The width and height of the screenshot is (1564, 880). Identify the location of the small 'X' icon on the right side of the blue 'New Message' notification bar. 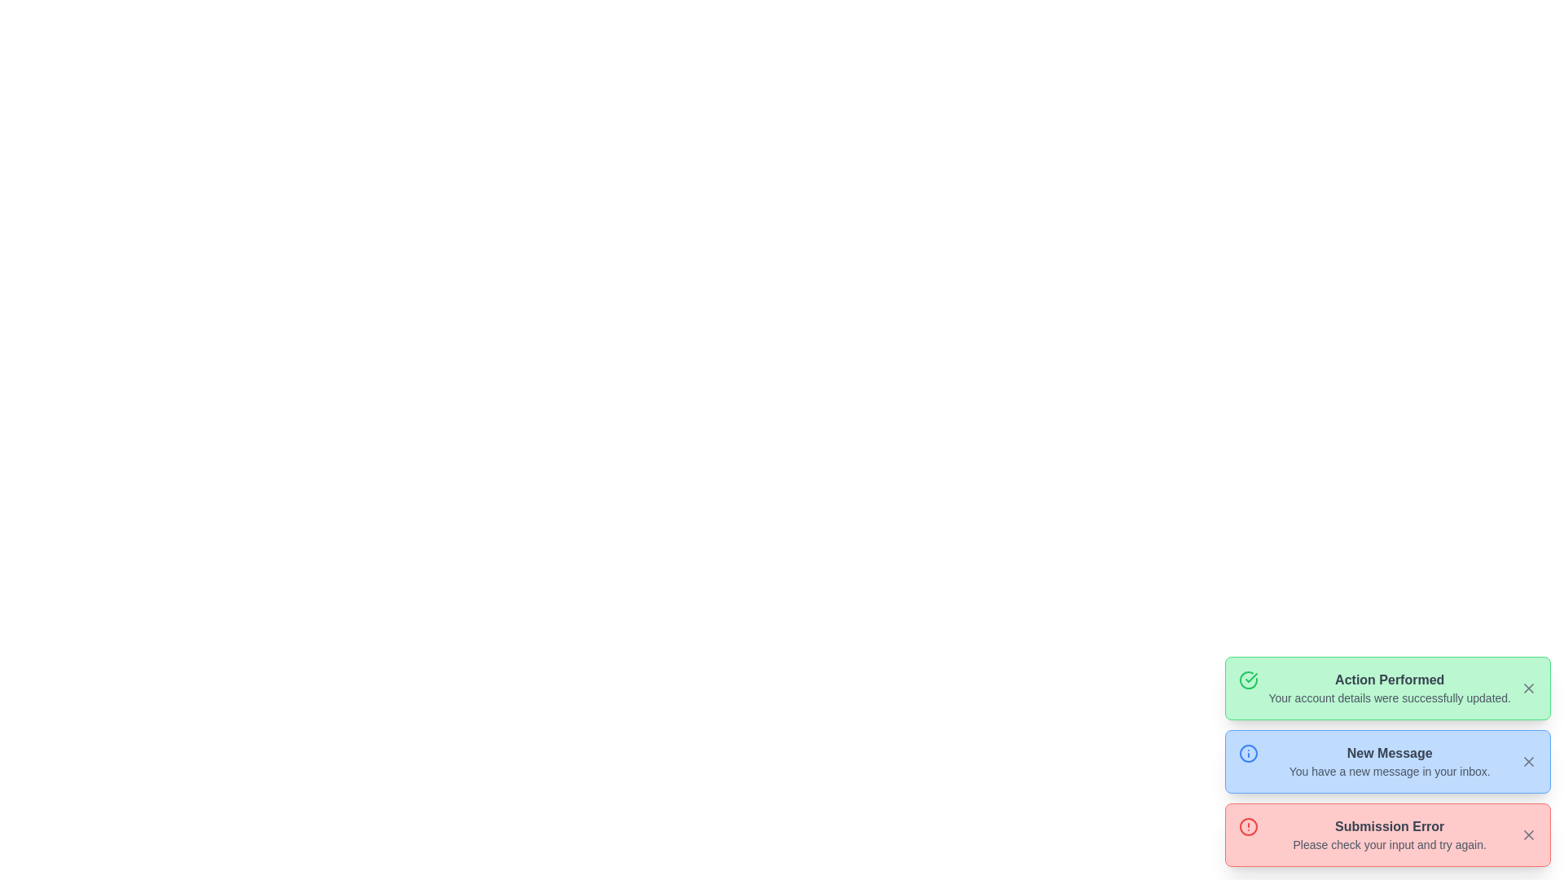
(1527, 761).